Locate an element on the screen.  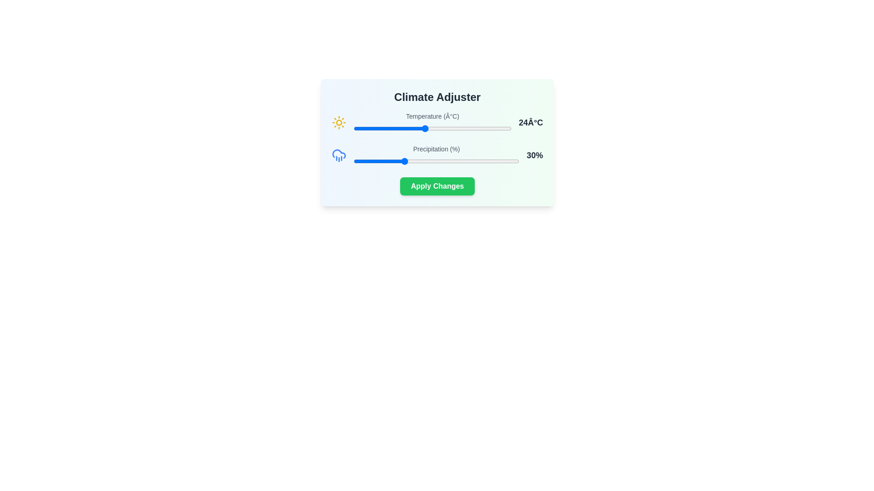
the temperature slider to 15°C is located at coordinates (353, 128).